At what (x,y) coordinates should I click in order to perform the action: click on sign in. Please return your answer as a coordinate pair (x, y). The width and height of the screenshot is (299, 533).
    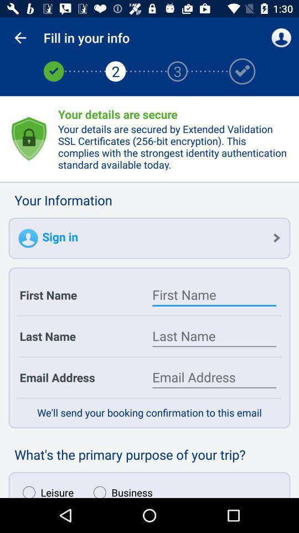
    Looking at the image, I should click on (149, 238).